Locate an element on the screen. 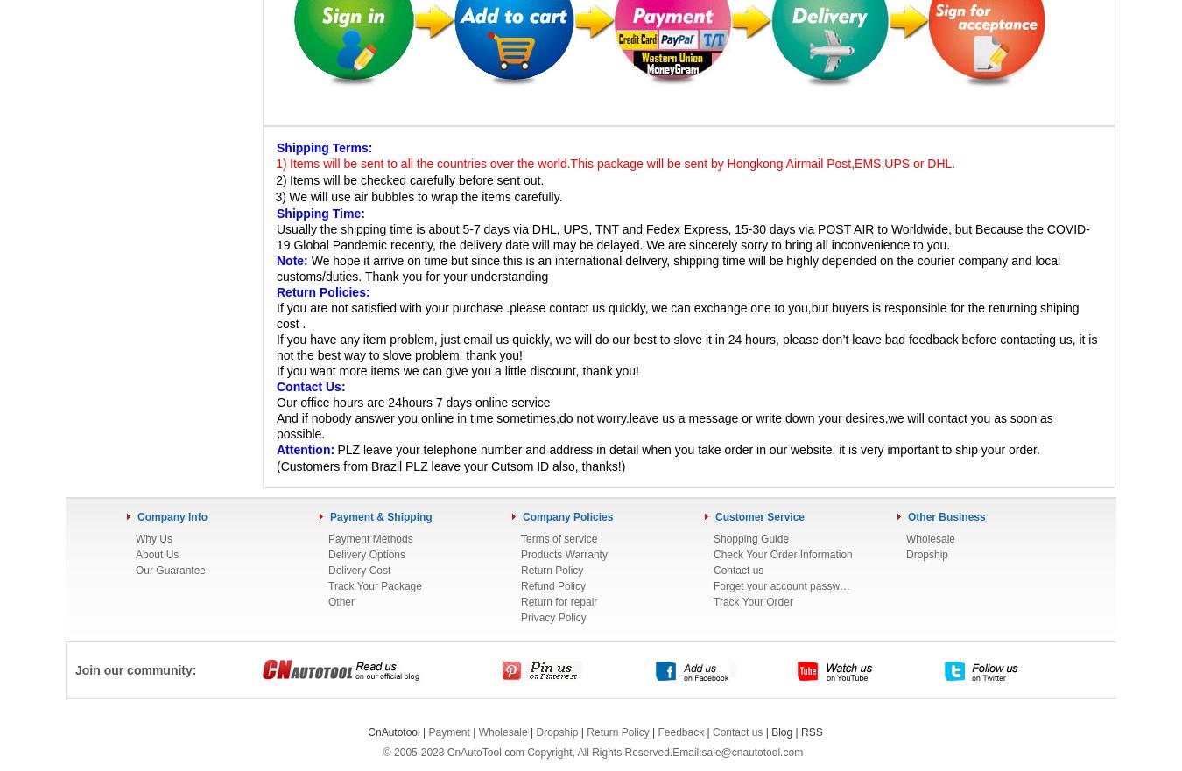 The height and width of the screenshot is (771, 1182). 'Payment' is located at coordinates (449, 732).